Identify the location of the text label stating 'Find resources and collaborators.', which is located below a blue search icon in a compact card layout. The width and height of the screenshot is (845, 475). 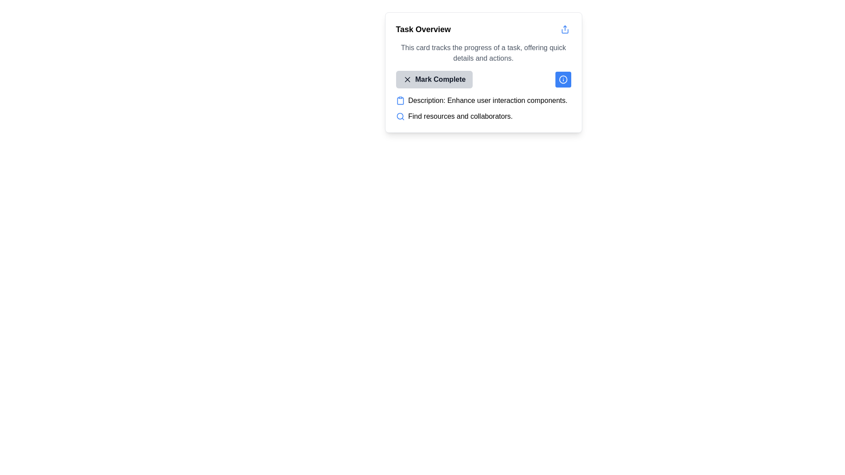
(460, 116).